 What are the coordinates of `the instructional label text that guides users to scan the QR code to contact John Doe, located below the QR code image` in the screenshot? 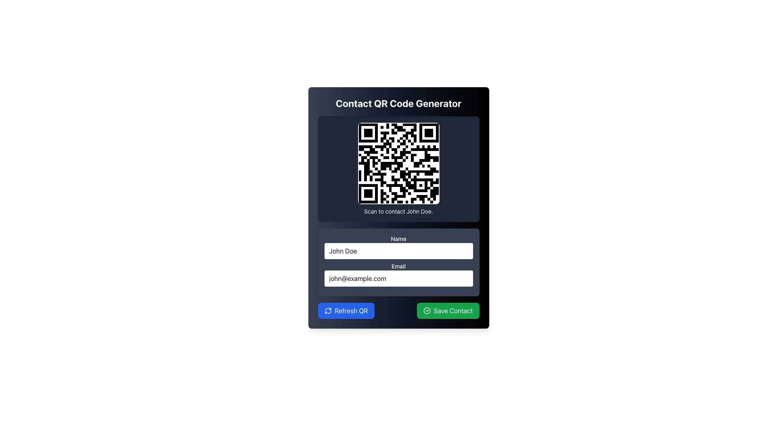 It's located at (398, 211).